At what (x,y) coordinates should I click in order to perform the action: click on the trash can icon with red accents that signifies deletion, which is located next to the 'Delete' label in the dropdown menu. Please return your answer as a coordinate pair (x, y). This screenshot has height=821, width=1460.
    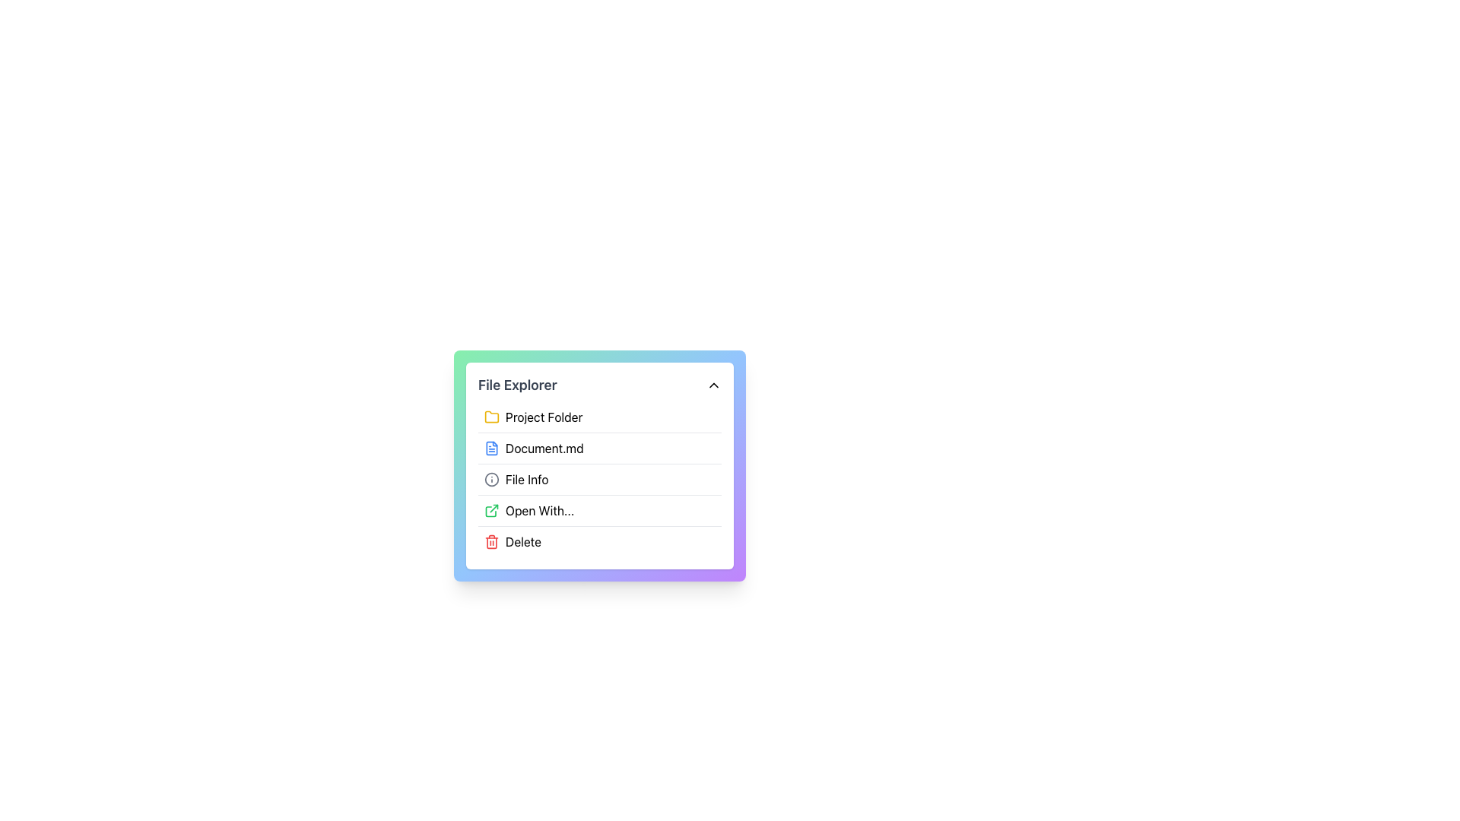
    Looking at the image, I should click on (492, 541).